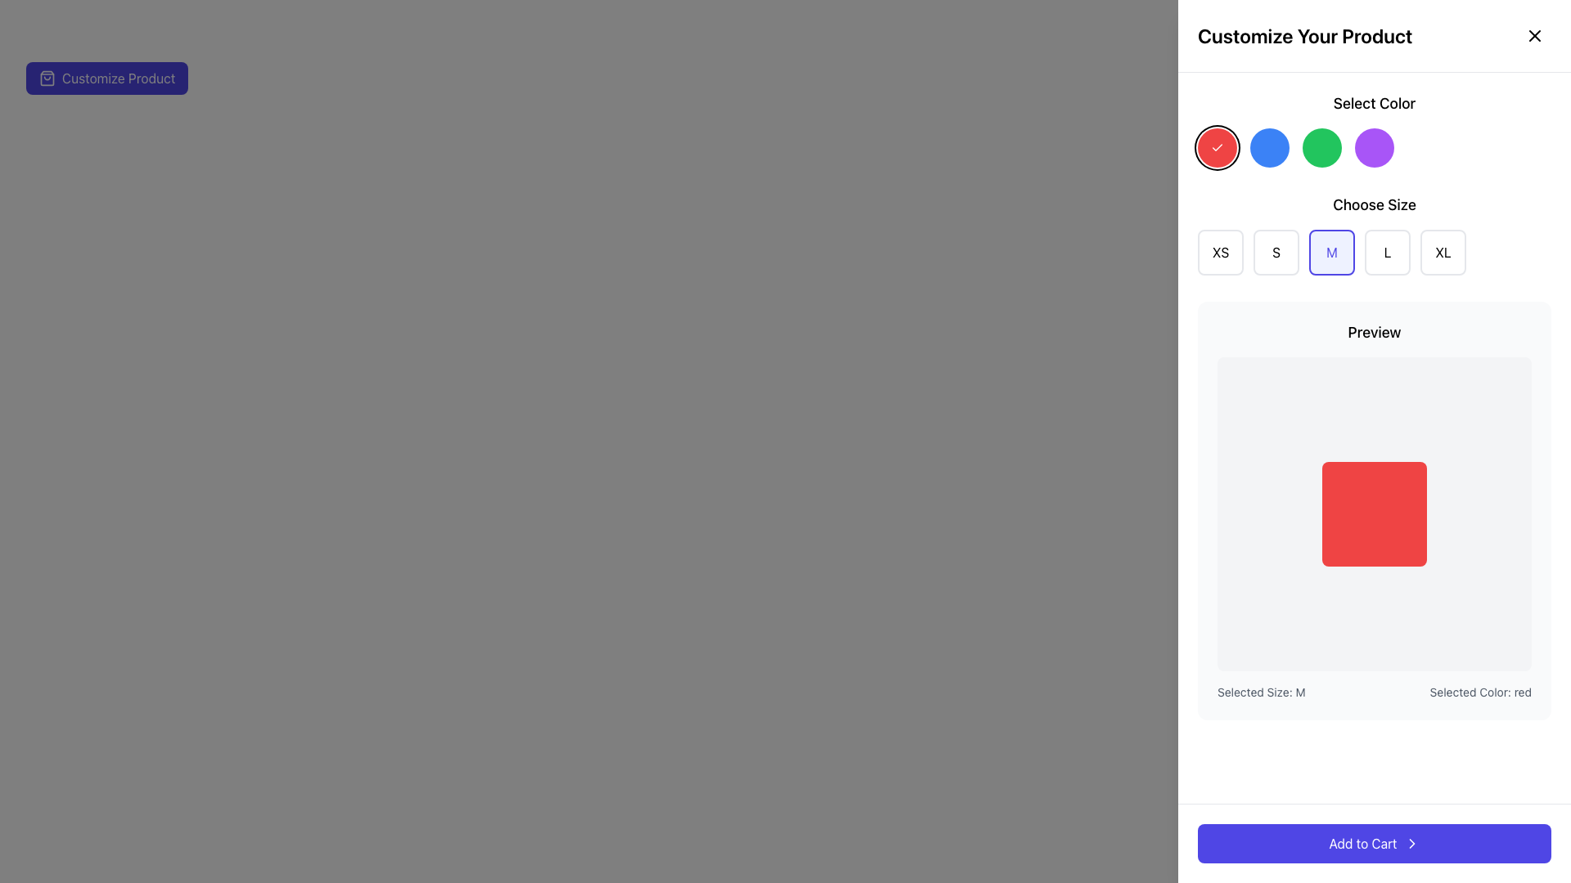 The height and width of the screenshot is (883, 1571). Describe the element at coordinates (1534, 35) in the screenshot. I see `the circular 'X' button located at the top-right corner of the 'Customize Your Product' section` at that location.